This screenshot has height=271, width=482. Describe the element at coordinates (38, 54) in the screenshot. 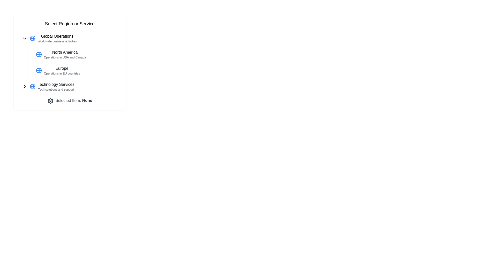

I see `the 'North America' icon, which is the second globe icon in the vertical alignment under 'Select Region or Service.'` at that location.